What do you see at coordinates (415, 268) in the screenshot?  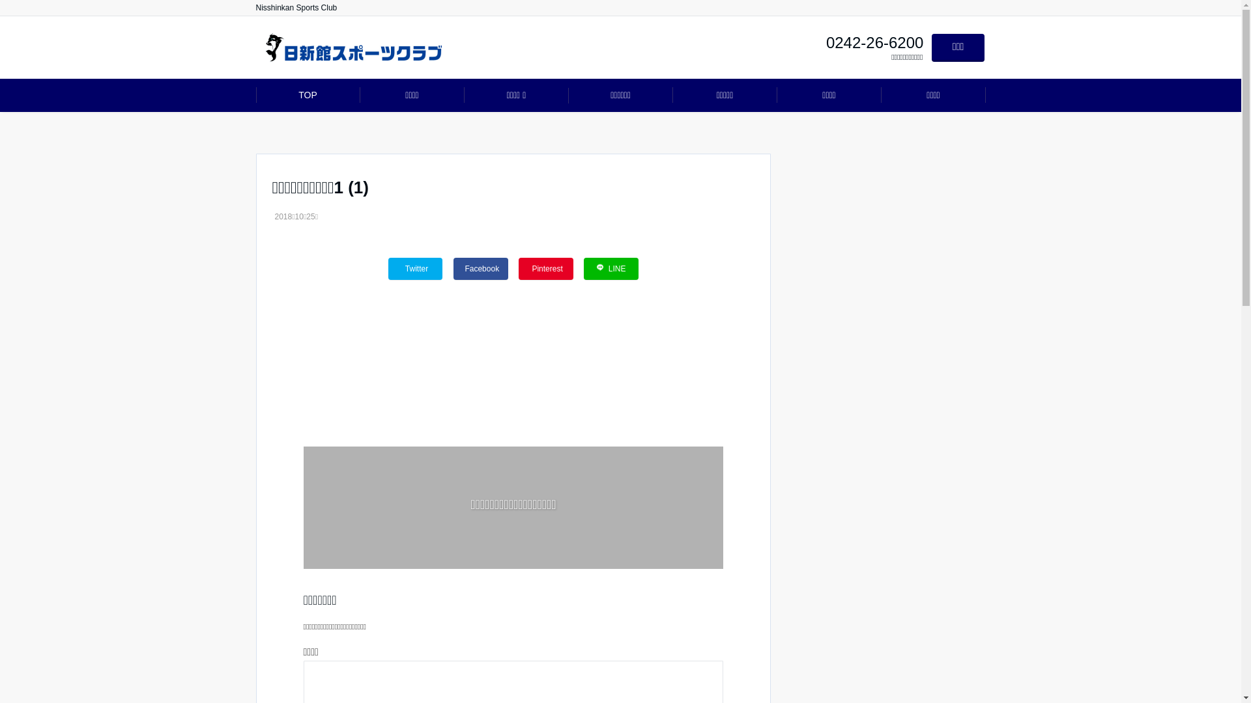 I see `'Twitter'` at bounding box center [415, 268].